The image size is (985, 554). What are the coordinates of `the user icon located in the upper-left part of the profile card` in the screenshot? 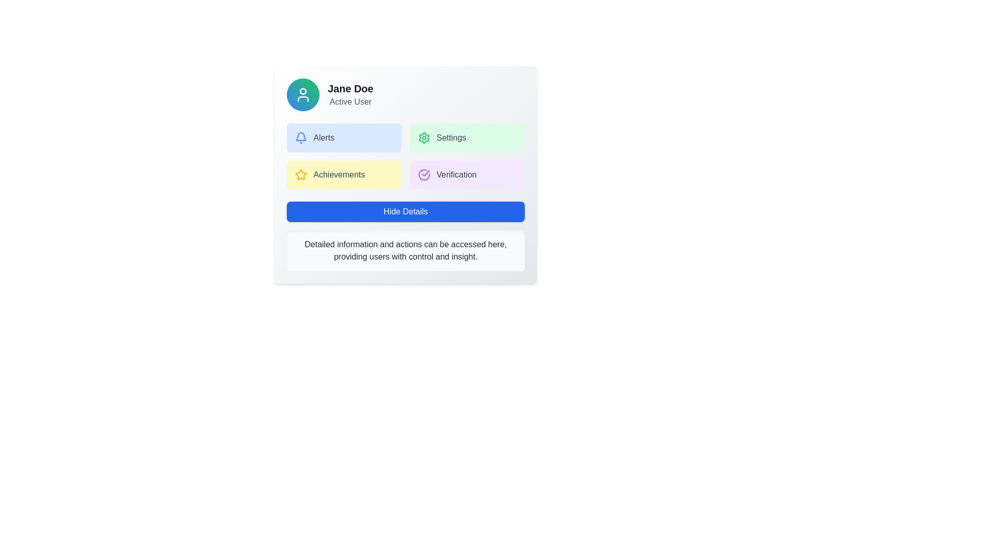 It's located at (302, 95).